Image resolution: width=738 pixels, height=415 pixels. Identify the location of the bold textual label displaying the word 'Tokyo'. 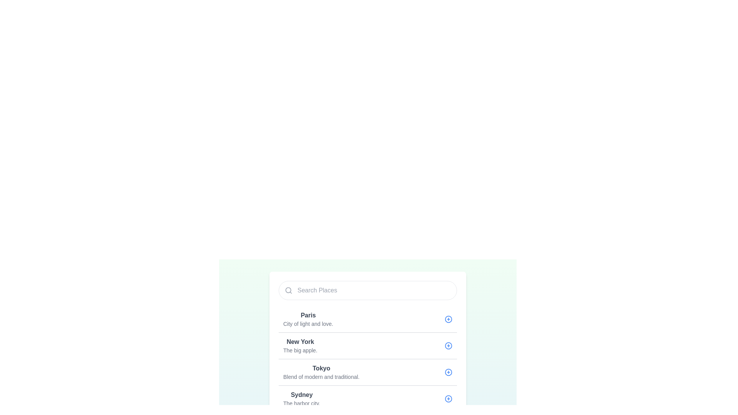
(321, 368).